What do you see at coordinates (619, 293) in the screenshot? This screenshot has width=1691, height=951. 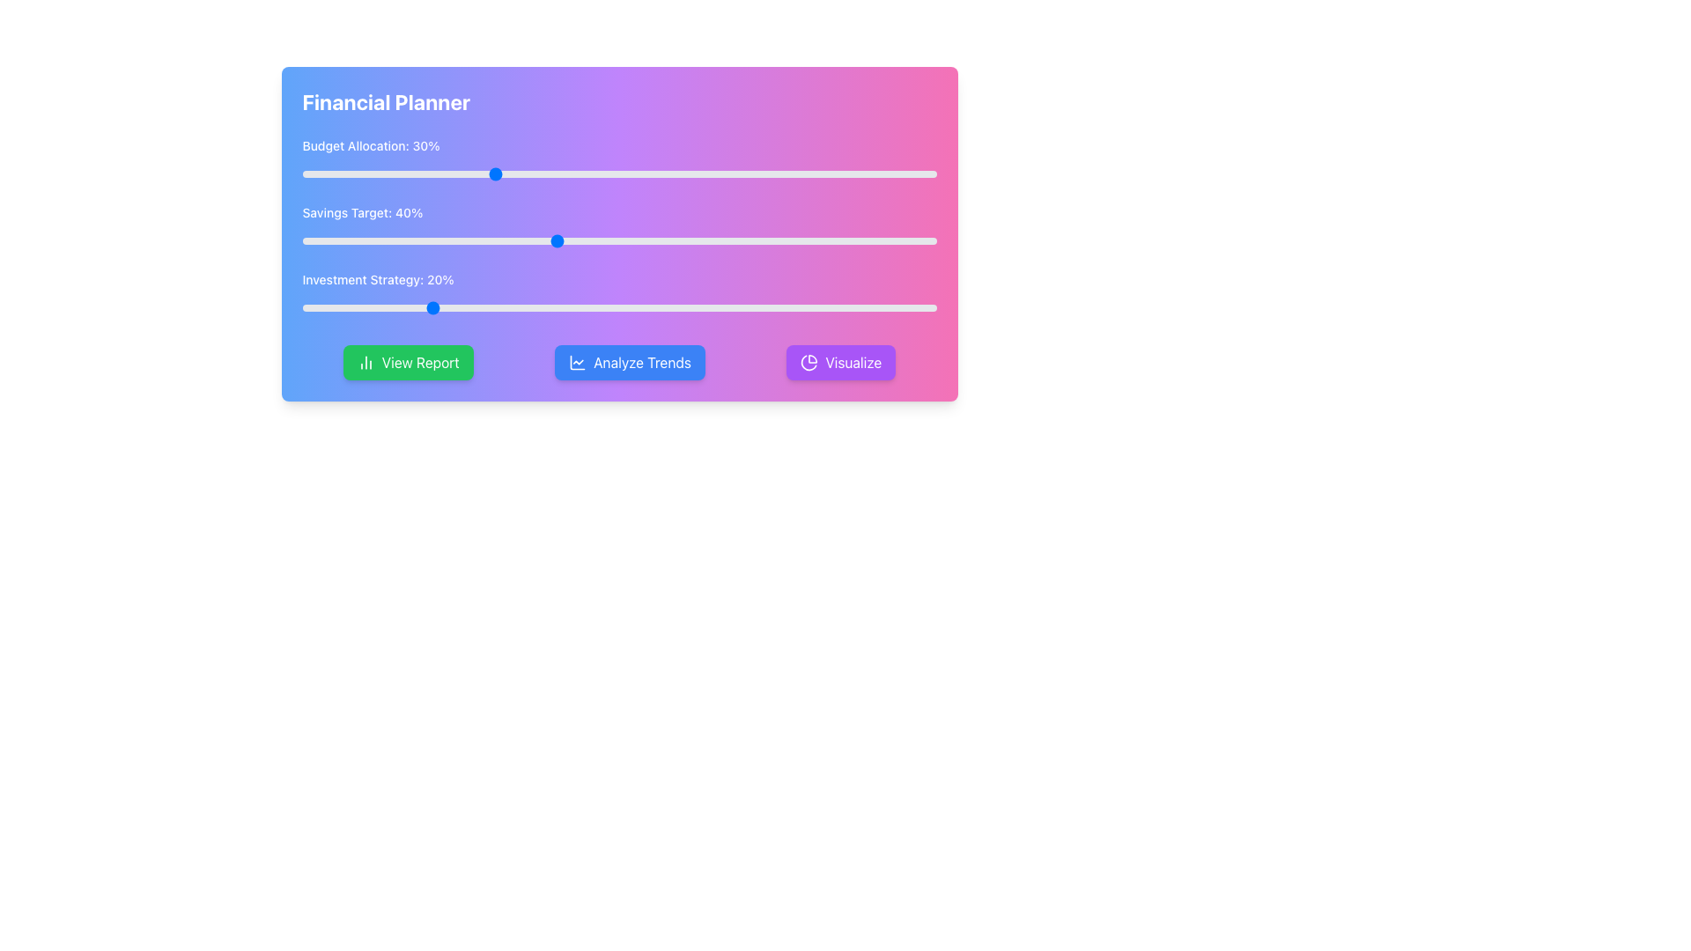 I see `the slider handle of the investment strategy percentage control located below the 'Budget Allocation: 30%' and 'Savings Target: 40%' labels` at bounding box center [619, 293].